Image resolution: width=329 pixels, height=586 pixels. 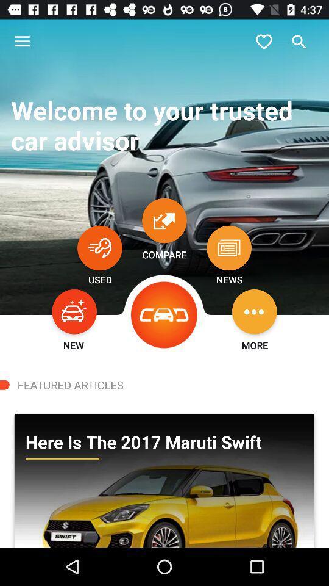 What do you see at coordinates (253, 311) in the screenshot?
I see `more` at bounding box center [253, 311].